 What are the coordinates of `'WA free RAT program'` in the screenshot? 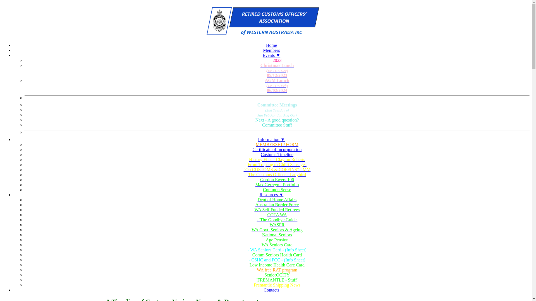 It's located at (277, 270).